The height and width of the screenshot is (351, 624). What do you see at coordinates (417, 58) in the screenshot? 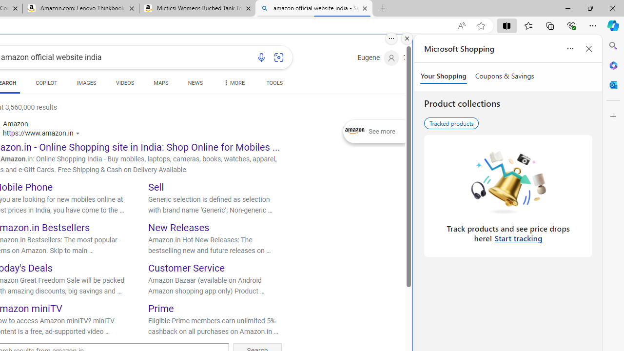
I see `'Microsoft Rewards 72'` at bounding box center [417, 58].